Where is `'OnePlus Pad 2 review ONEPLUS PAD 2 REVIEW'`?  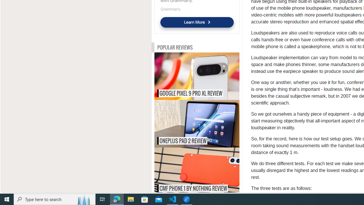
'OnePlus Pad 2 review ONEPLUS PAD 2 REVIEW' is located at coordinates (197, 123).